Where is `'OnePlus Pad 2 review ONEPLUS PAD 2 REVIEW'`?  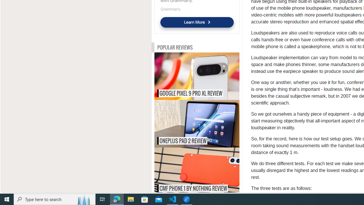
'OnePlus Pad 2 review ONEPLUS PAD 2 REVIEW' is located at coordinates (197, 123).